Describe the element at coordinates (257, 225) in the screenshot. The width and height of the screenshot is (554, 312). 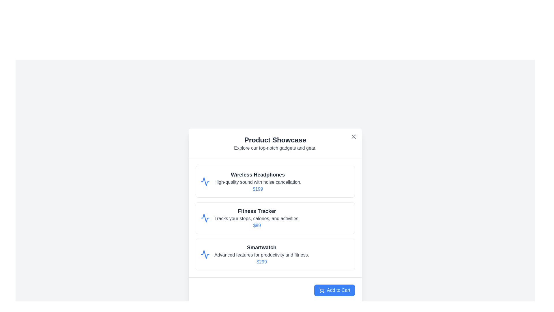
I see `the price information '$89' displayed in the text label of the second product listing` at that location.